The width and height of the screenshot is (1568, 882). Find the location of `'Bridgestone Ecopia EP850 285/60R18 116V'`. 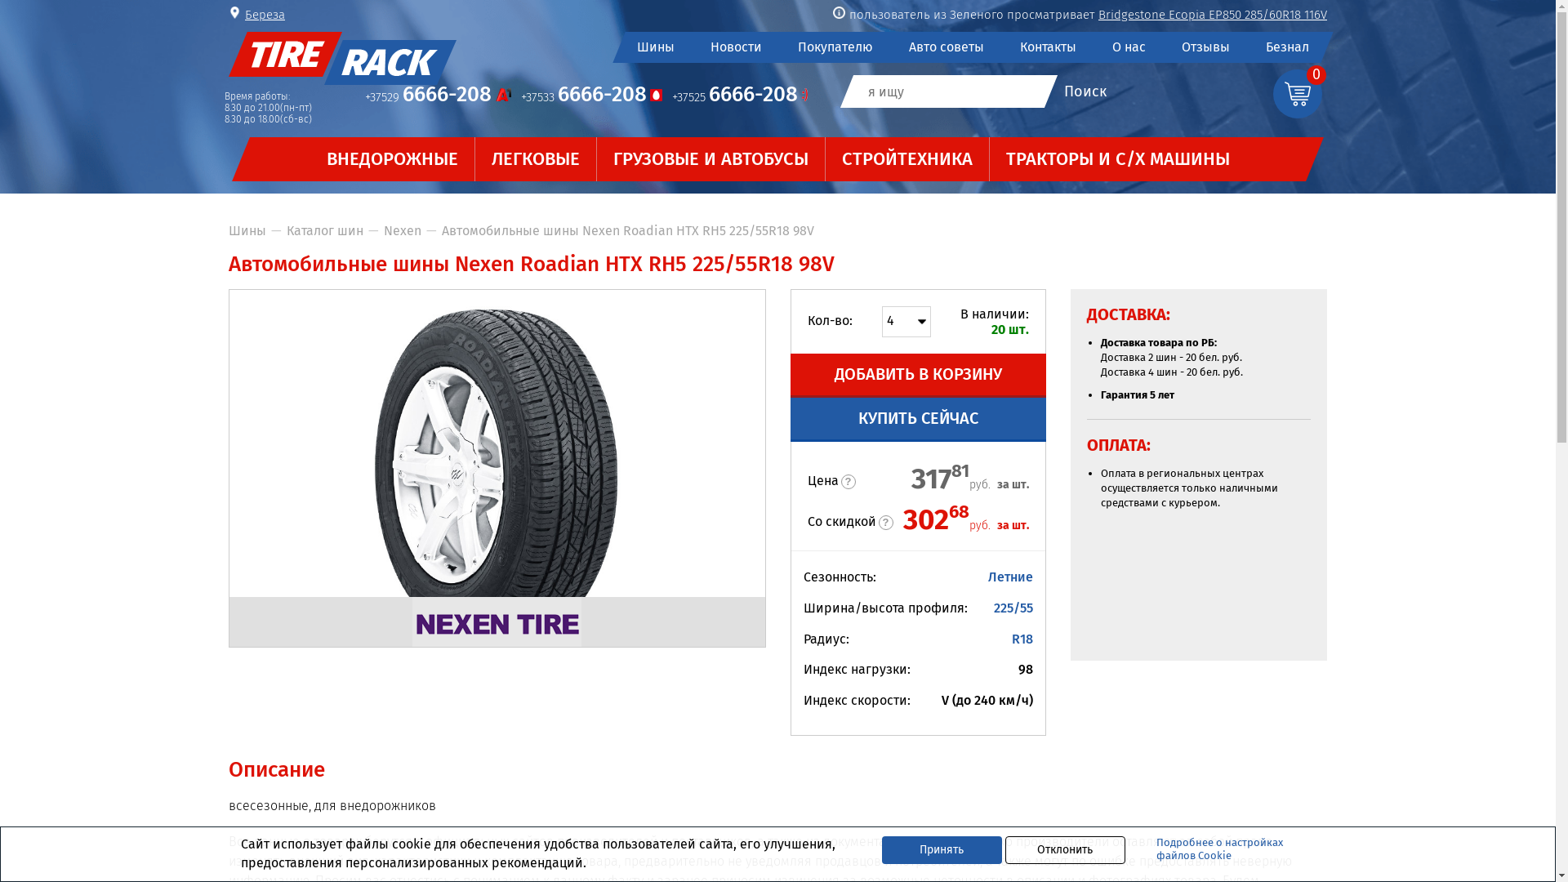

'Bridgestone Ecopia EP850 285/60R18 116V' is located at coordinates (1212, 15).